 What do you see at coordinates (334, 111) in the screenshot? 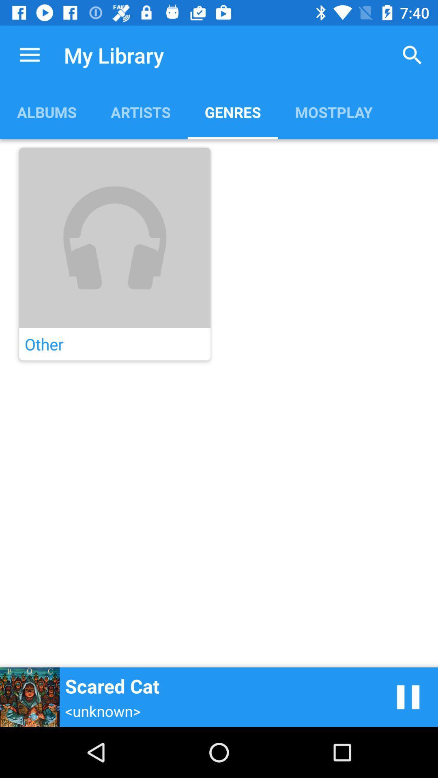
I see `the mostplay app` at bounding box center [334, 111].